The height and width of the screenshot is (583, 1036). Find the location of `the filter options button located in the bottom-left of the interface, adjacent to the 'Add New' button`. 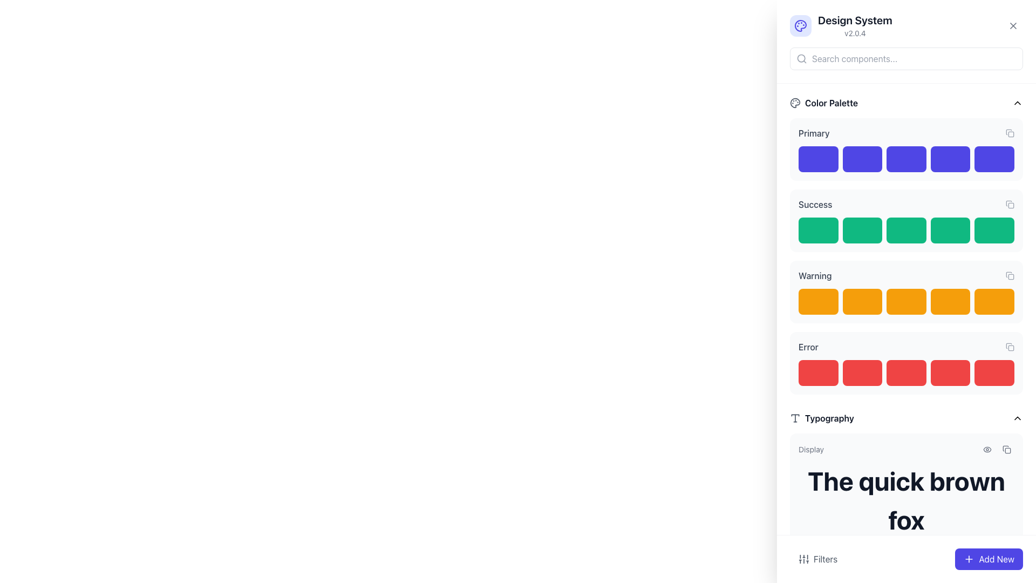

the filter options button located in the bottom-left of the interface, adjacent to the 'Add New' button is located at coordinates (818, 559).